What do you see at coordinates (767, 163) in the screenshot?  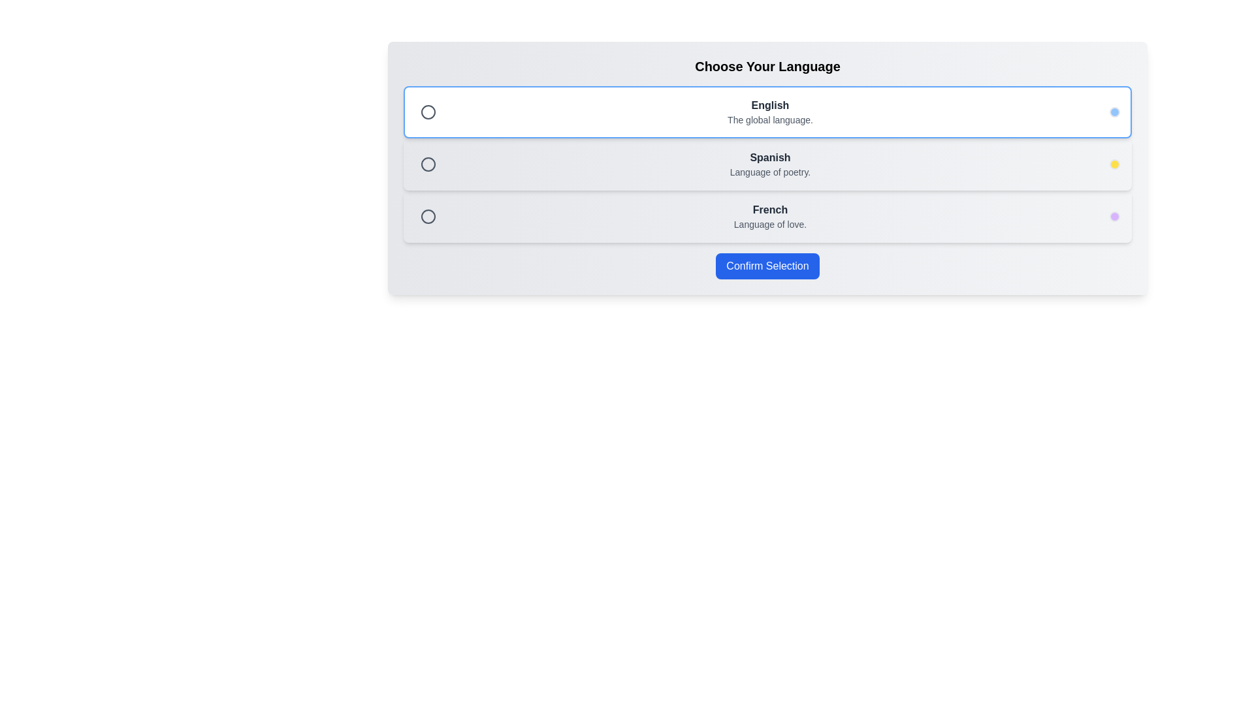 I see `the second option in the language selection list, labeled 'Spanish'` at bounding box center [767, 163].